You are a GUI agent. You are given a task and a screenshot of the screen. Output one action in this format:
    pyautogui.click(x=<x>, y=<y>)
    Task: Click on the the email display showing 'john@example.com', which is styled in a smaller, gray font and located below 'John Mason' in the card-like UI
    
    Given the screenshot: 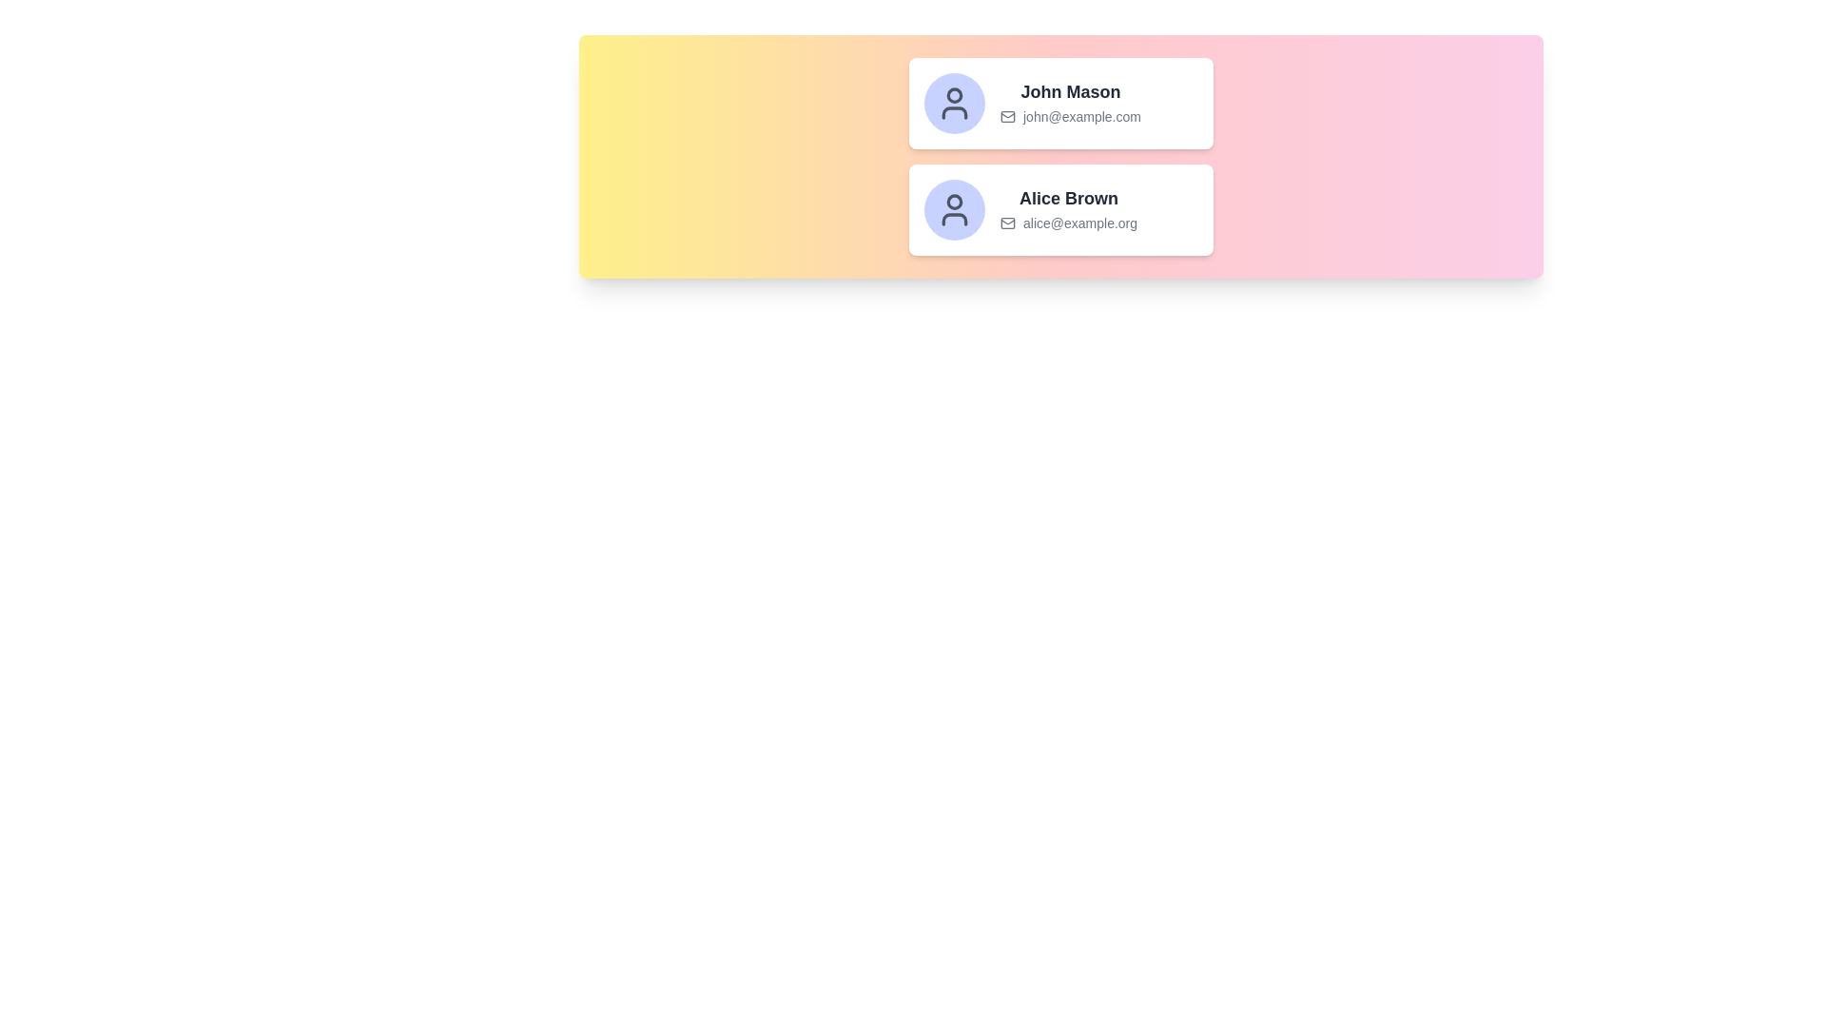 What is the action you would take?
    pyautogui.click(x=1070, y=117)
    